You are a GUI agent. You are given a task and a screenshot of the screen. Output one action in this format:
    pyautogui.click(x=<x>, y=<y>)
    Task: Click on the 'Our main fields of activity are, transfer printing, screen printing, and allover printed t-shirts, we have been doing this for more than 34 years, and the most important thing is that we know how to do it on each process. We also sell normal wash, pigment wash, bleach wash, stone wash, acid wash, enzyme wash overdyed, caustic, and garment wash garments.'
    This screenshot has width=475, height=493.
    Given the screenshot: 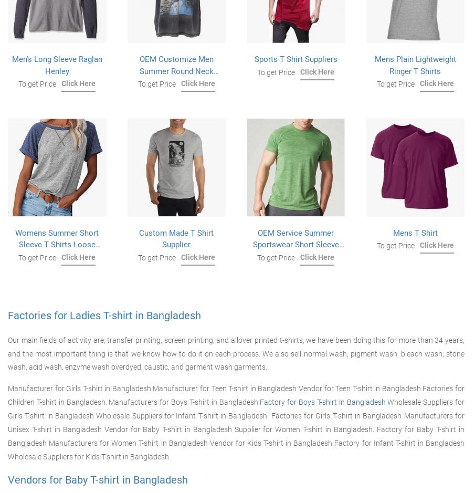 What is the action you would take?
    pyautogui.click(x=235, y=353)
    